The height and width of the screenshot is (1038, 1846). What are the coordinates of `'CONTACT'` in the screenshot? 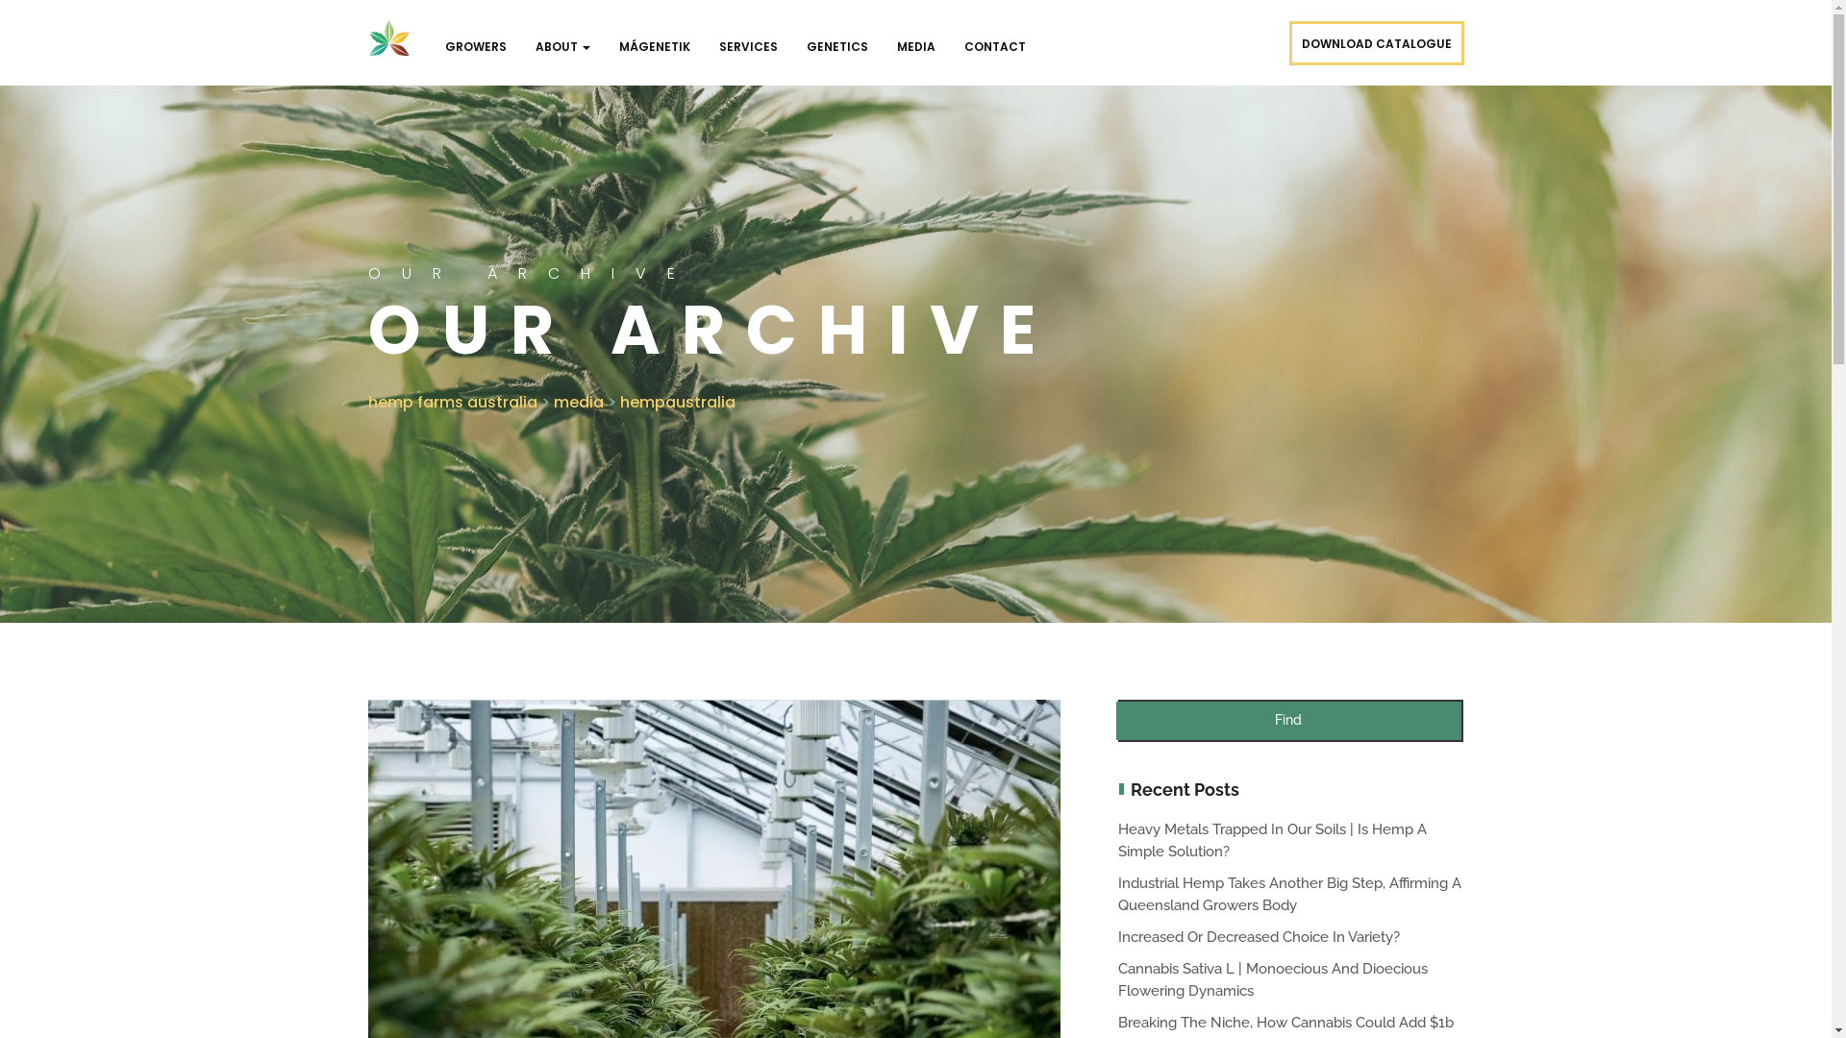 It's located at (995, 46).